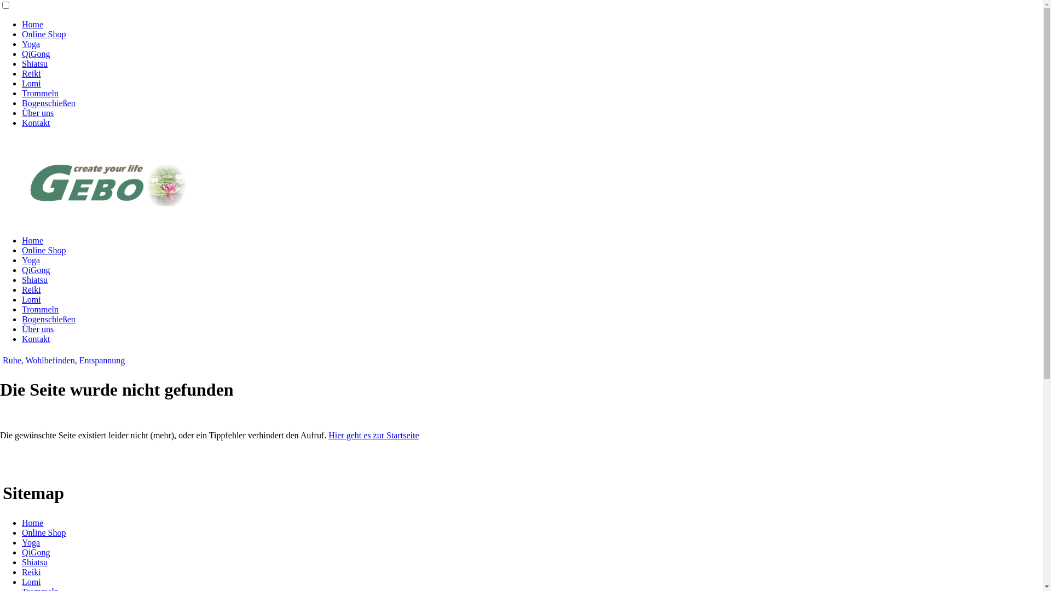  I want to click on 'Kontakt', so click(36, 123).